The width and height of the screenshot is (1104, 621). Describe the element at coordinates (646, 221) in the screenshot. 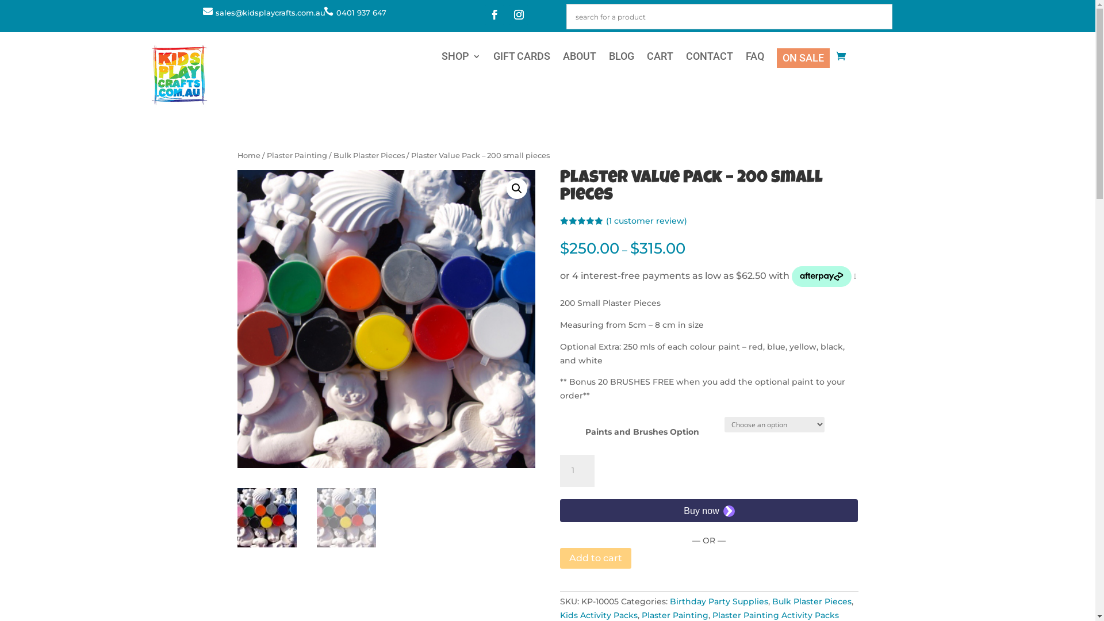

I see `'(1 customer review)'` at that location.